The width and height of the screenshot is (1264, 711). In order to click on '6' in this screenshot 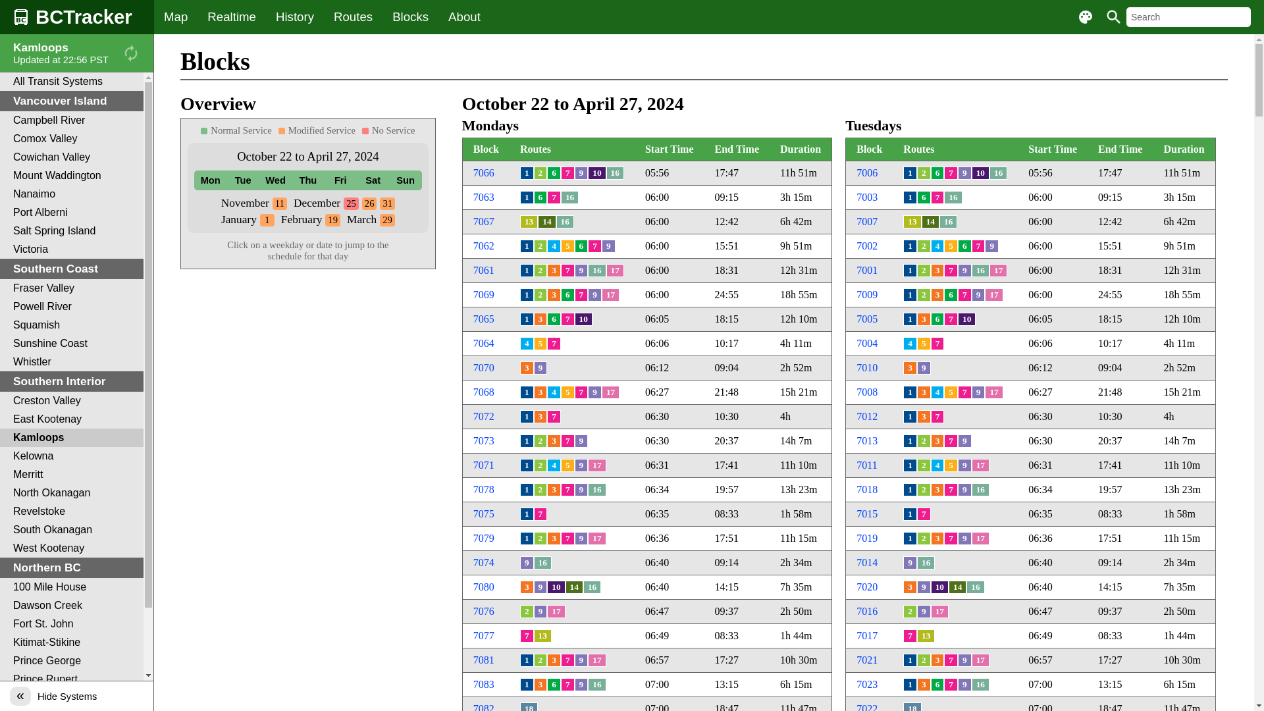, I will do `click(581, 246)`.